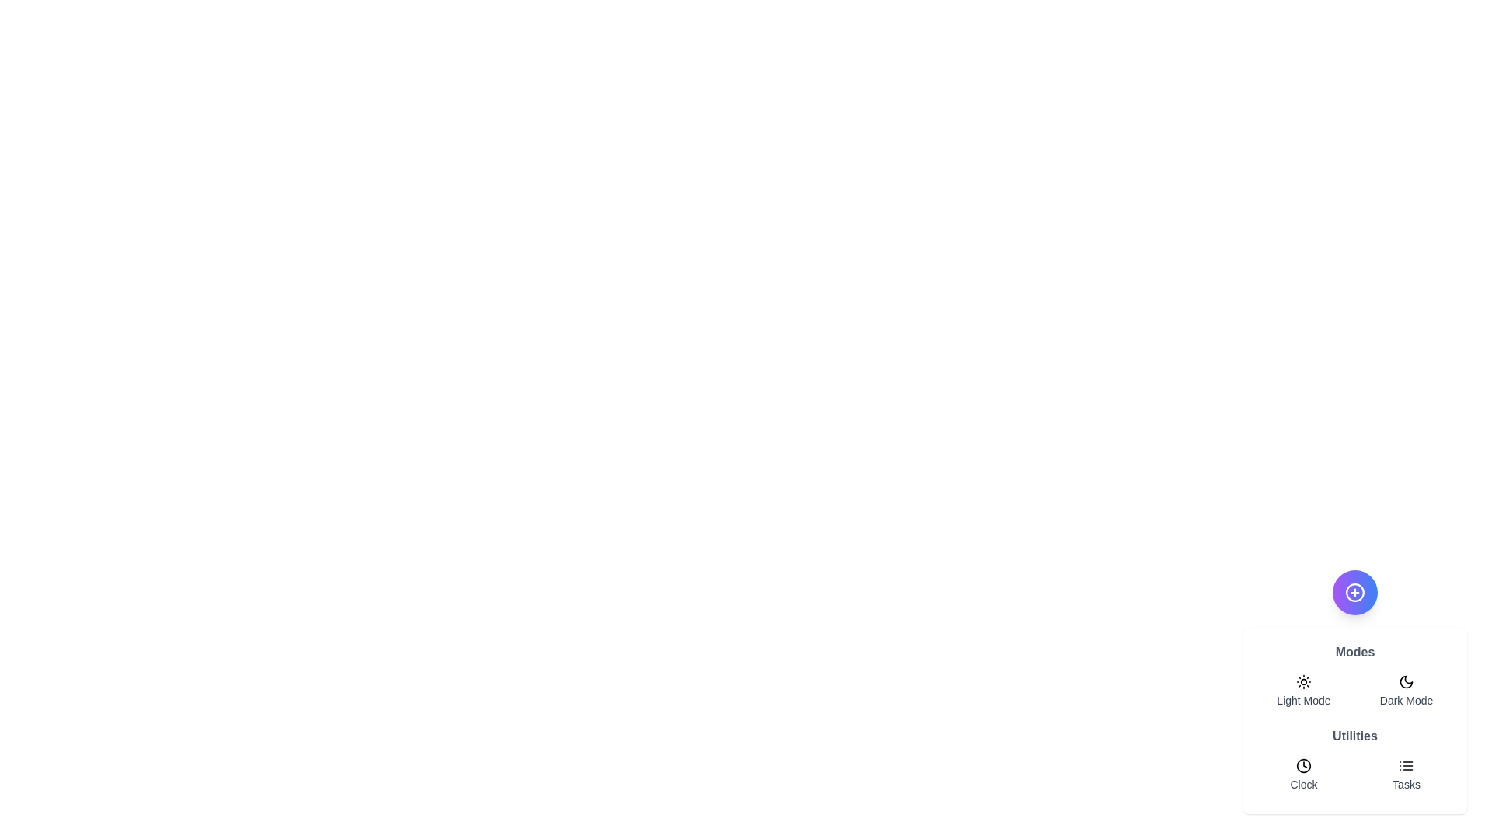 The image size is (1492, 839). Describe the element at coordinates (1304, 775) in the screenshot. I see `the 'Clock' option to select it` at that location.